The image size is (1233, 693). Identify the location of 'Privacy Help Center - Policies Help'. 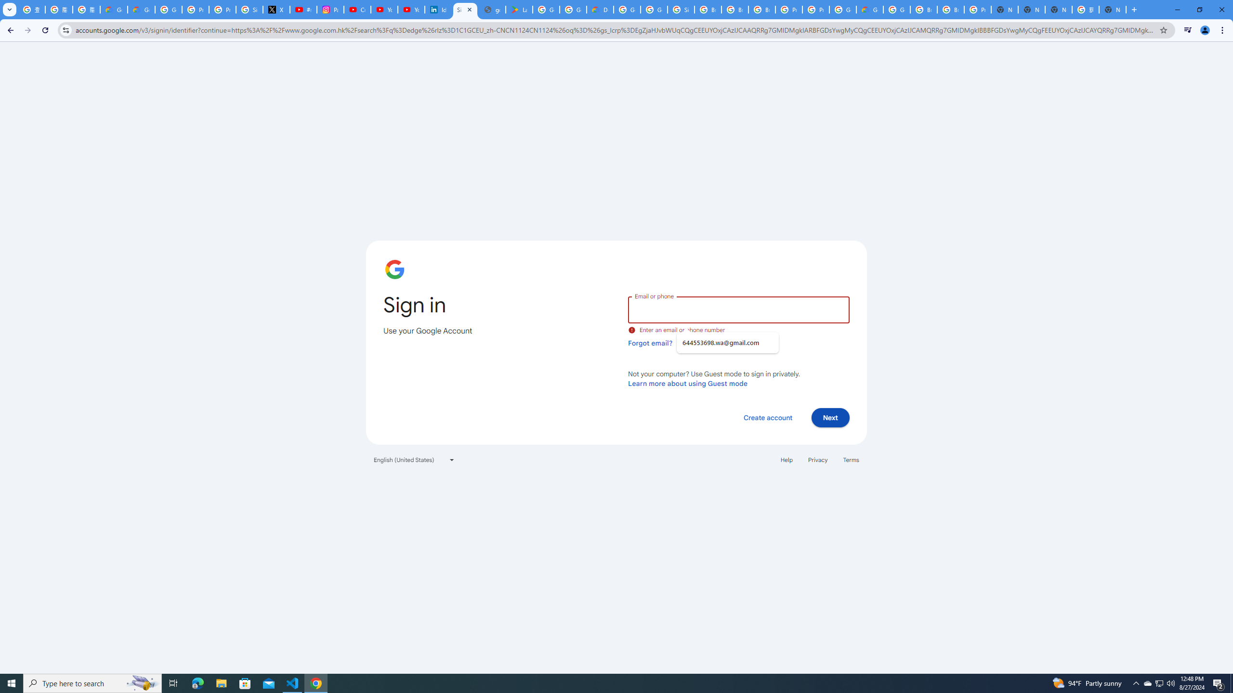
(195, 9).